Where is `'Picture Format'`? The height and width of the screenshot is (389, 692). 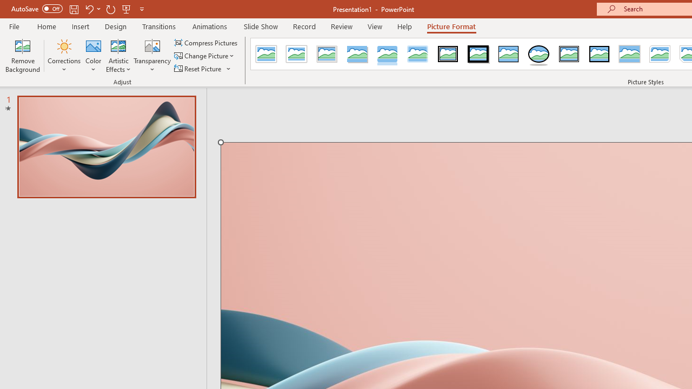
'Picture Format' is located at coordinates (451, 26).